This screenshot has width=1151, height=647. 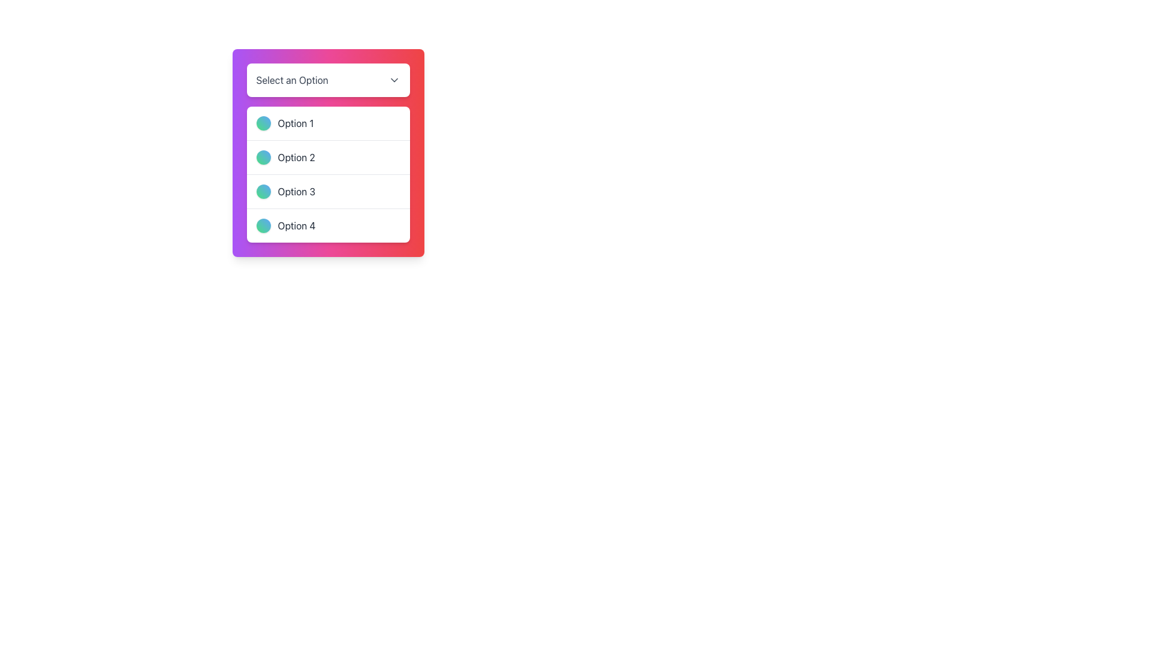 What do you see at coordinates (328, 123) in the screenshot?
I see `the first list item labeled 'Option 1' in the dropdown menu` at bounding box center [328, 123].